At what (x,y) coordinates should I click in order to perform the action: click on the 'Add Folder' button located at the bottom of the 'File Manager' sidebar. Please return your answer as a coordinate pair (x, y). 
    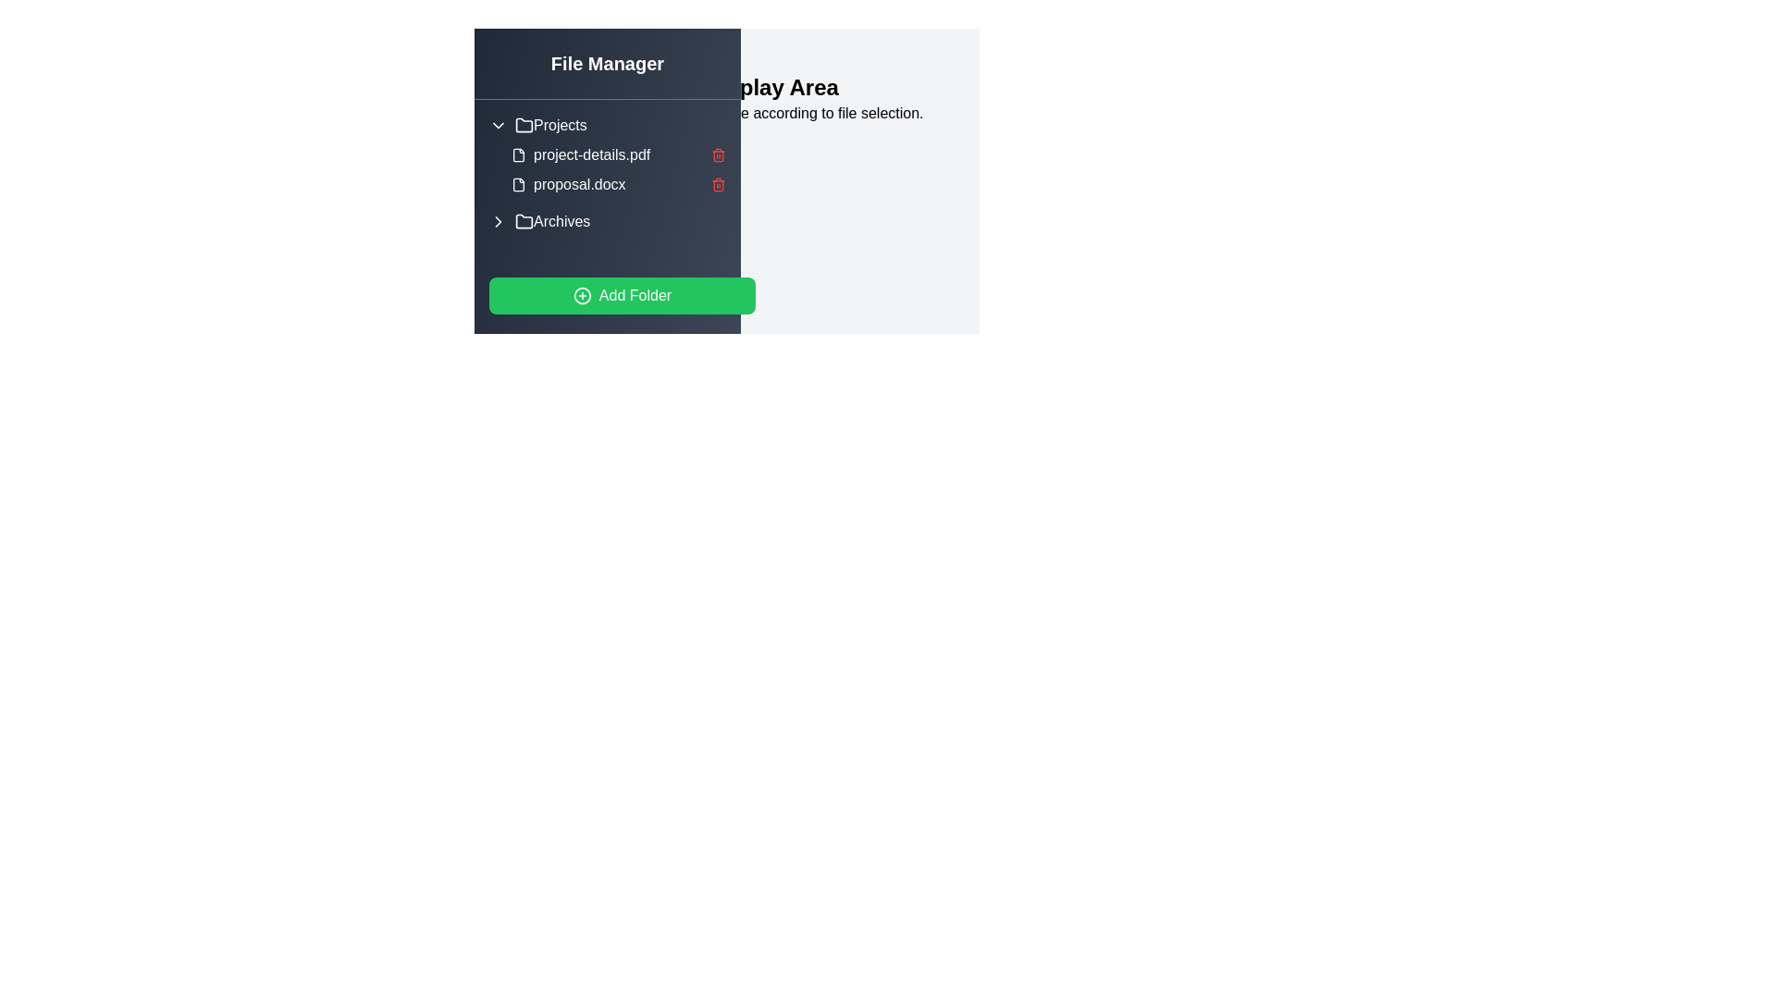
    Looking at the image, I should click on (622, 295).